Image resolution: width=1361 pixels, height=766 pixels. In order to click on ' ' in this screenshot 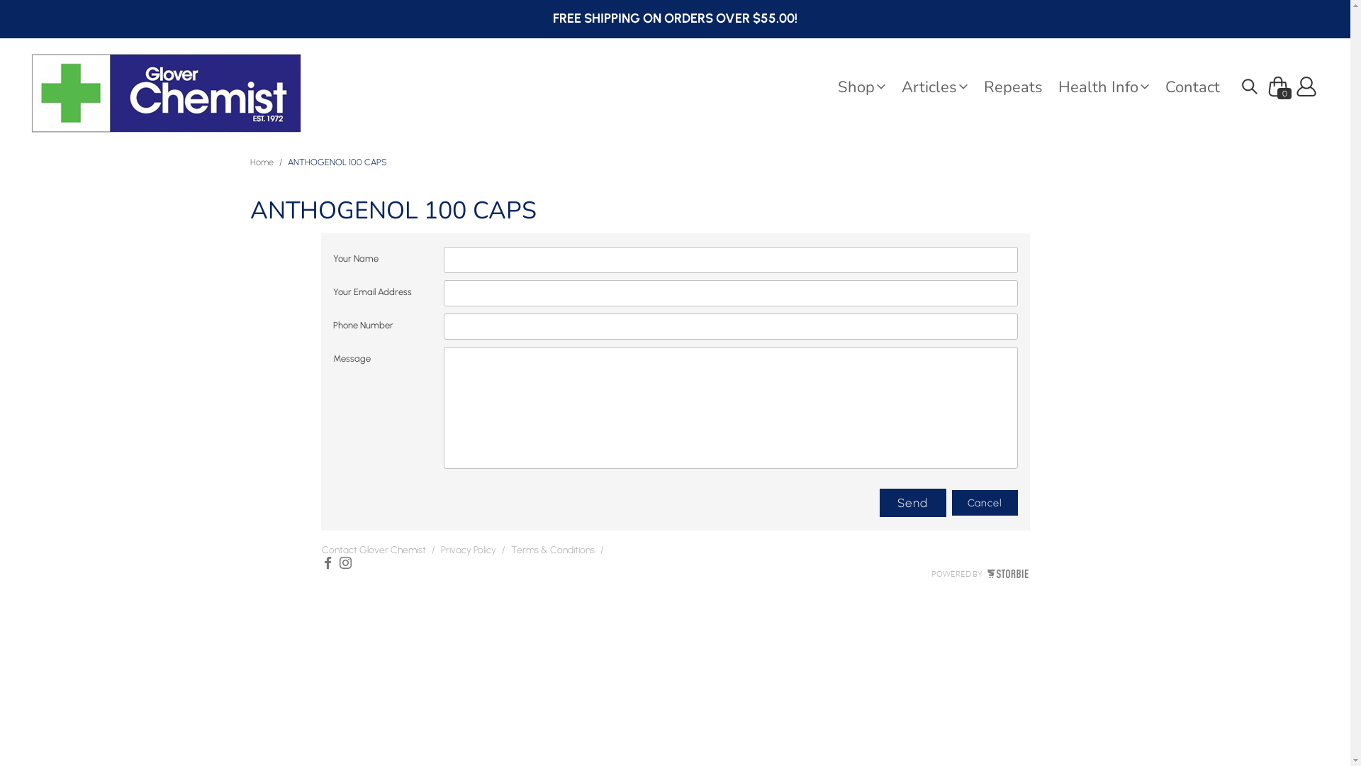, I will do `click(1234, 87)`.